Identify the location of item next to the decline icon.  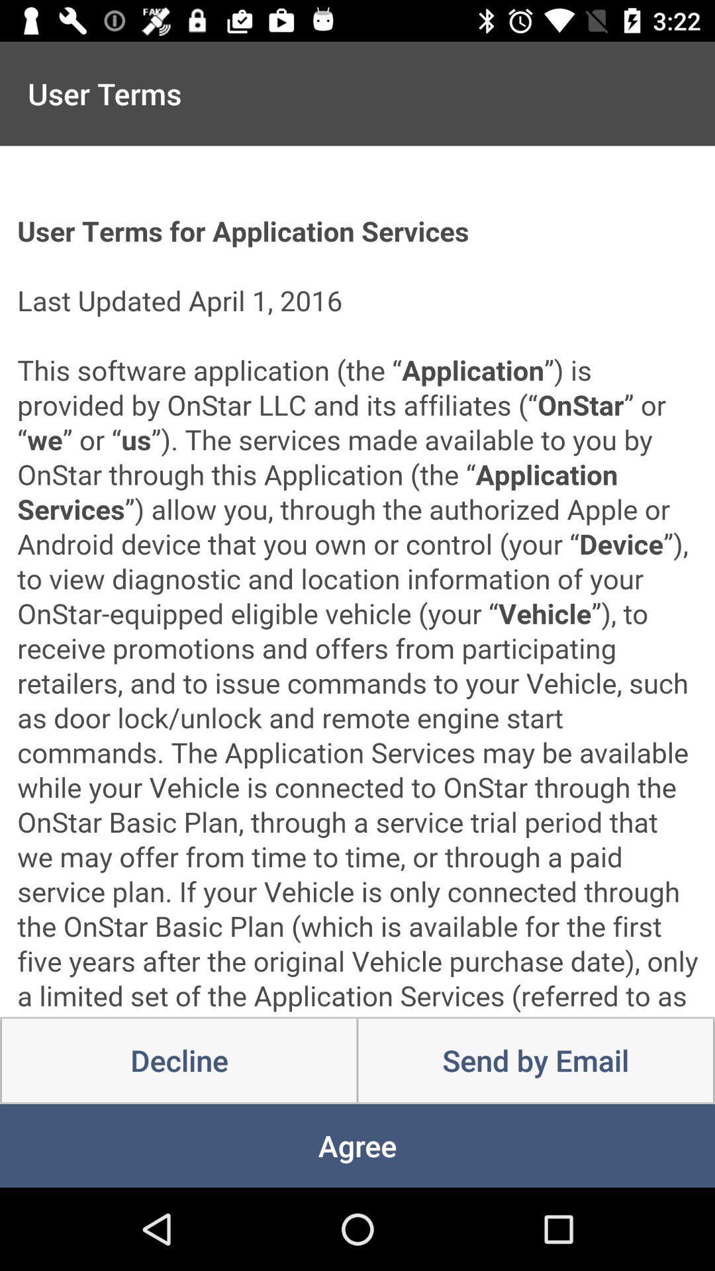
(535, 1060).